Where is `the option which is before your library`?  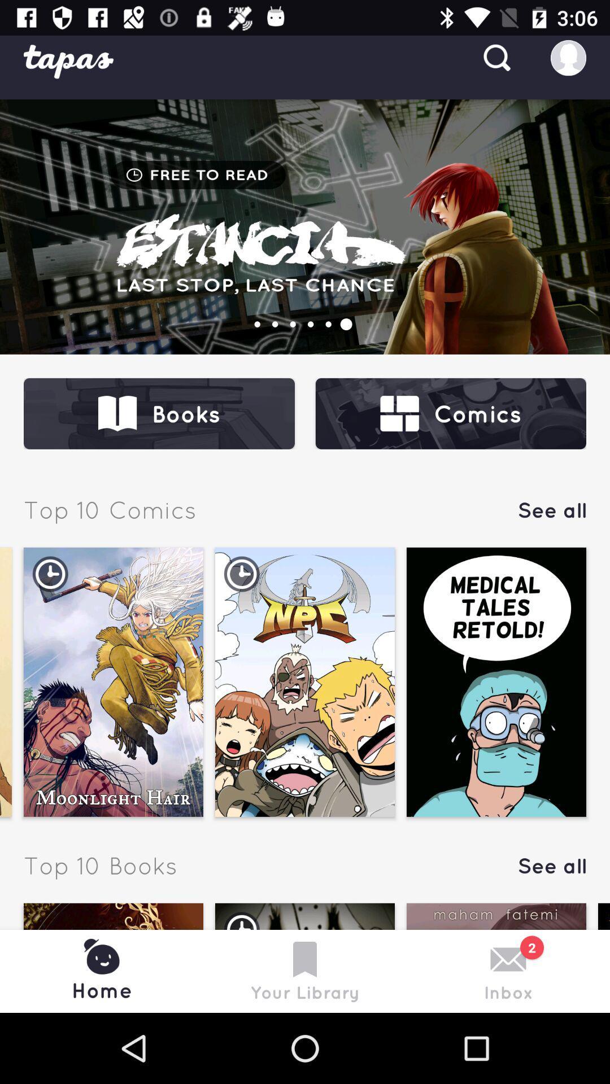 the option which is before your library is located at coordinates (113, 958).